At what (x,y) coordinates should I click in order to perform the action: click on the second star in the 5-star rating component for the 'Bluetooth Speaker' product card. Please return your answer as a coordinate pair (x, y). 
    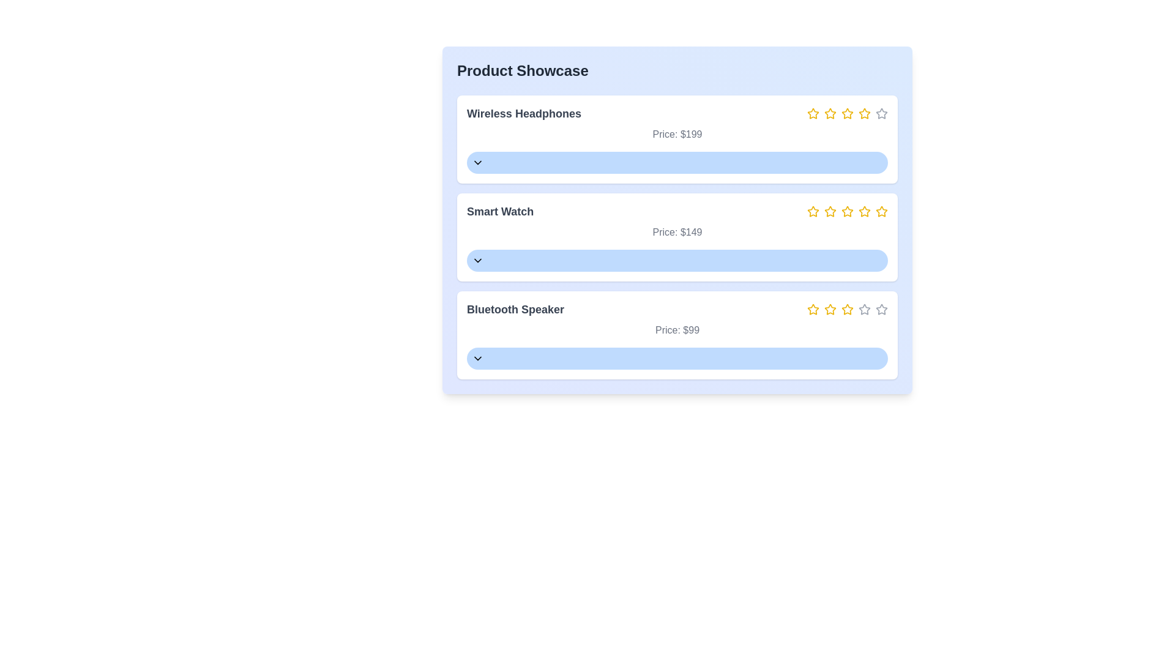
    Looking at the image, I should click on (830, 308).